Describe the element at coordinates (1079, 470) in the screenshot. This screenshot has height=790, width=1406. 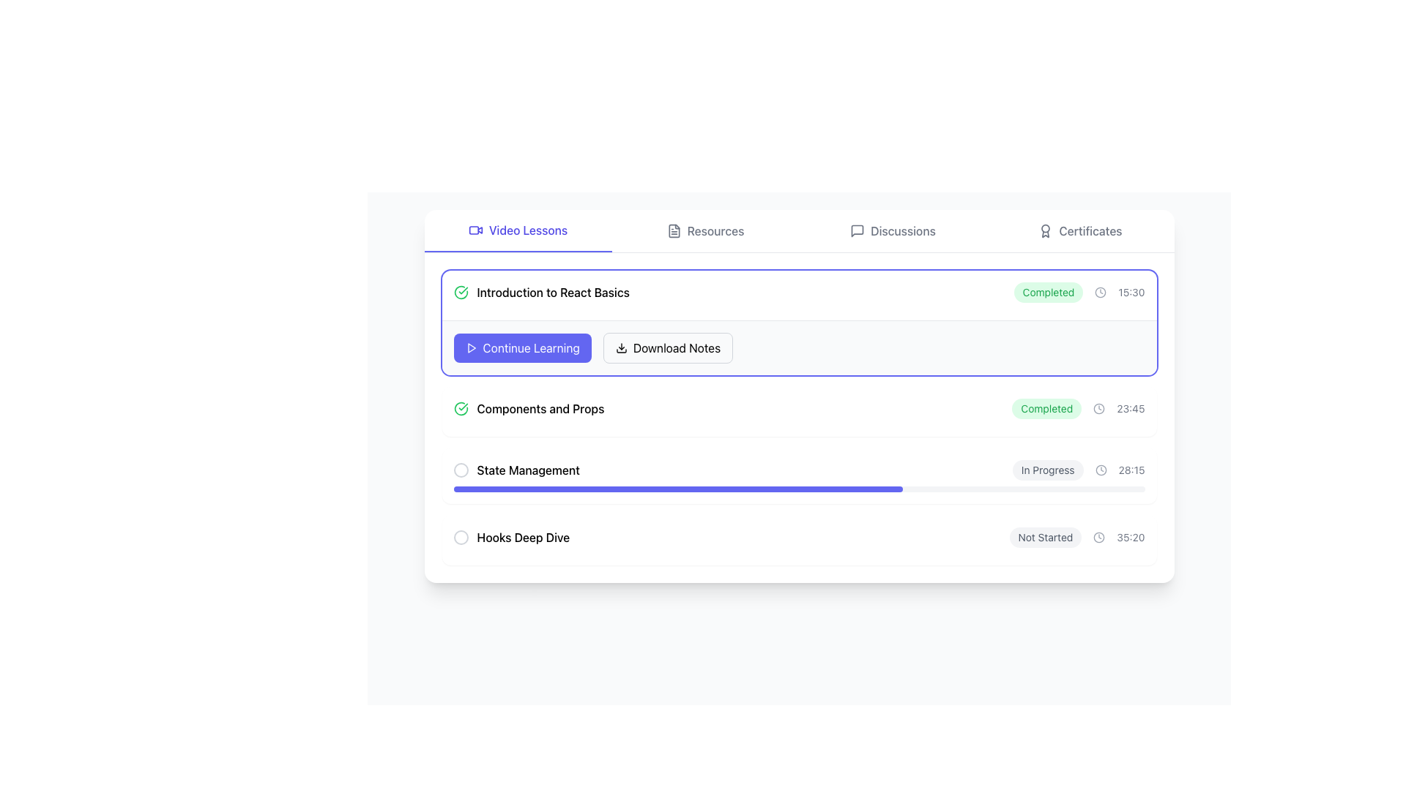
I see `the timestamp '28:15' displayed in the Status indicator with the text 'In Progress', which is located in the 'State Management' section, aligned to the right side of the section` at that location.